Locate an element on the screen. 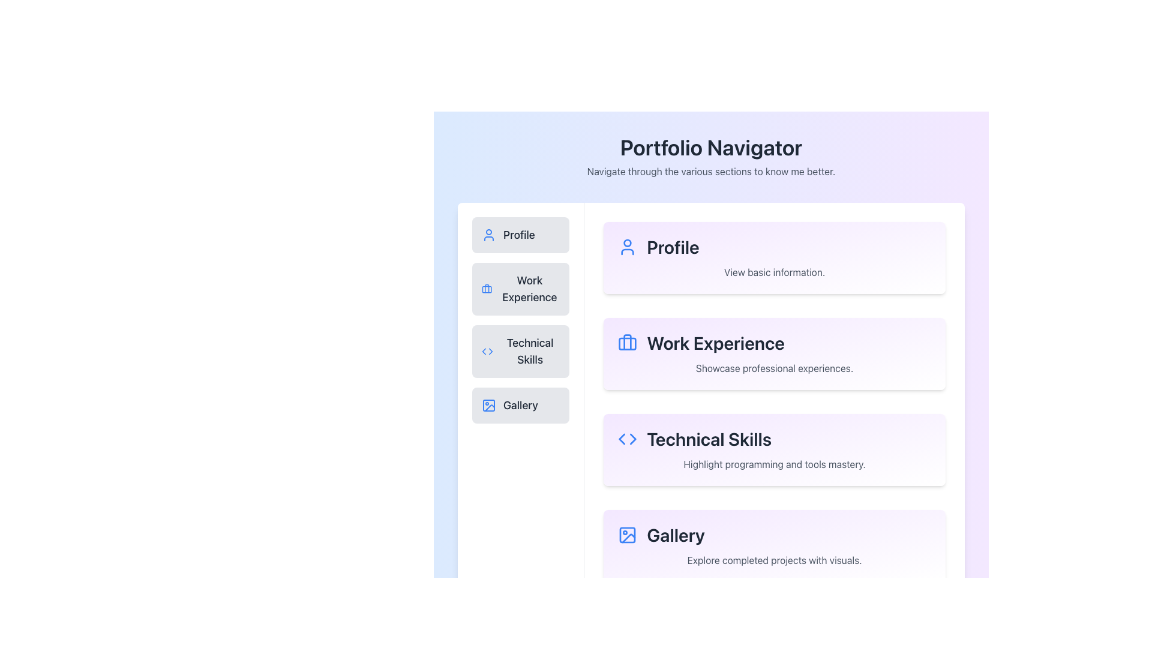  the blue briefcase icon located at the start of the 'Work Experience' section header is located at coordinates (627, 343).